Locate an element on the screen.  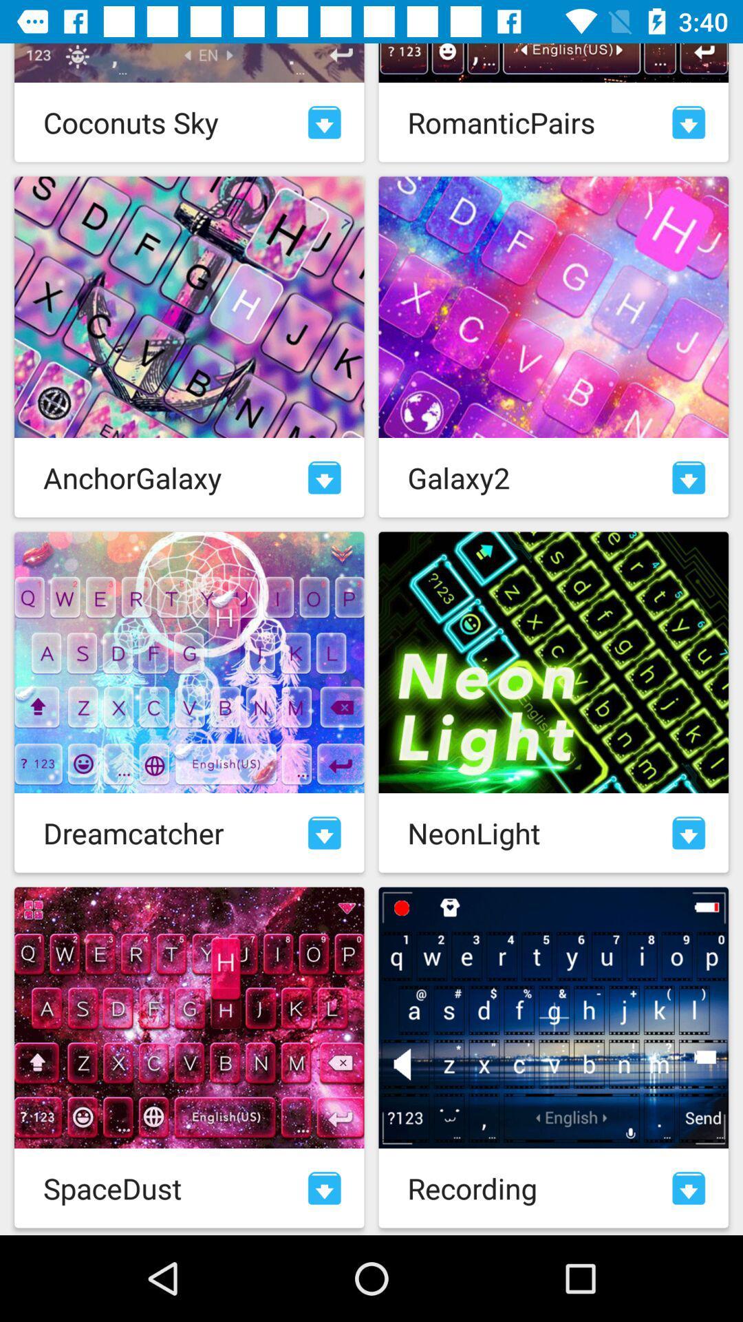
start download is located at coordinates (689, 477).